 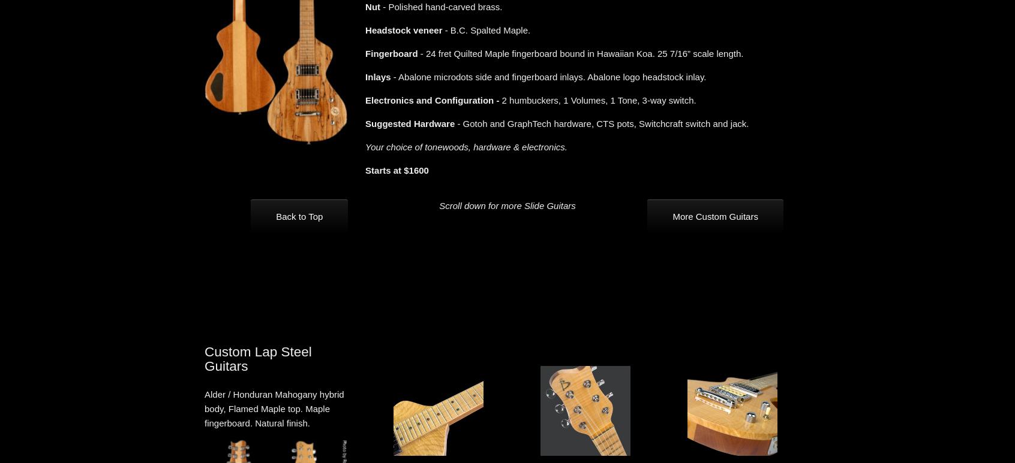 What do you see at coordinates (372, 7) in the screenshot?
I see `'Nut'` at bounding box center [372, 7].